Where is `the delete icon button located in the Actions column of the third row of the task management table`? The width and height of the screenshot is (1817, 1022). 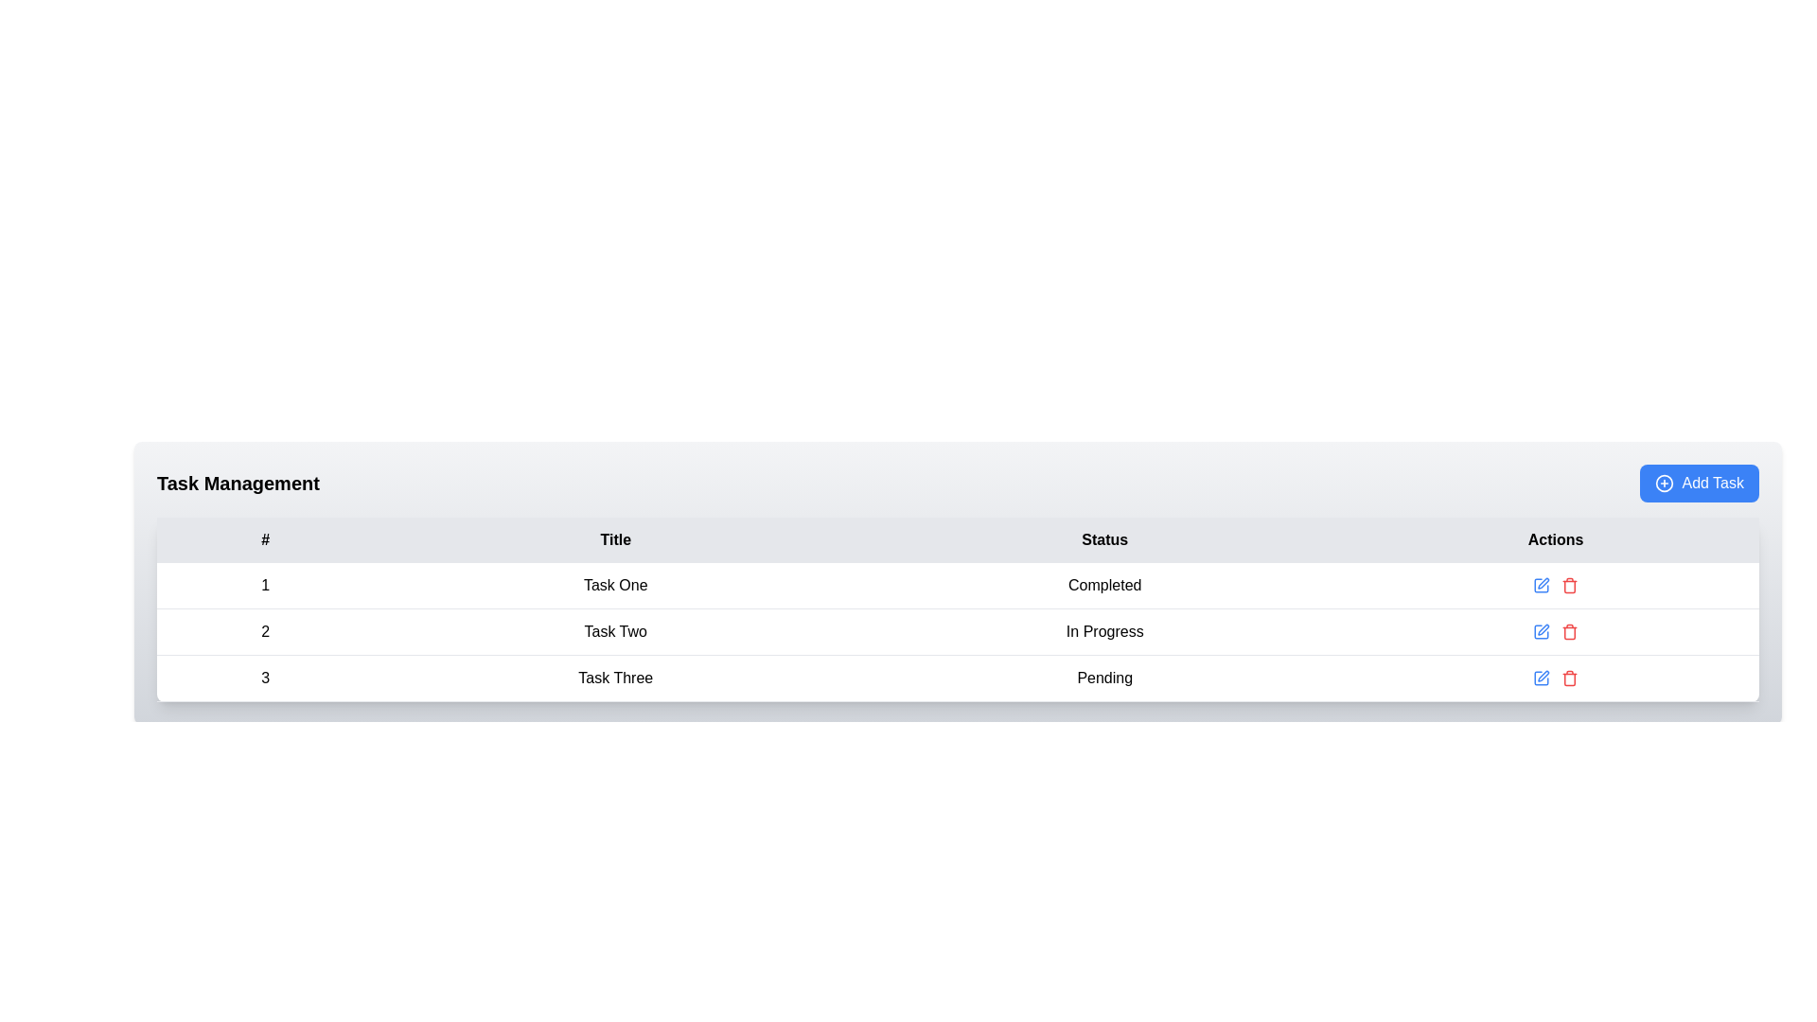 the delete icon button located in the Actions column of the third row of the task management table is located at coordinates (1570, 631).